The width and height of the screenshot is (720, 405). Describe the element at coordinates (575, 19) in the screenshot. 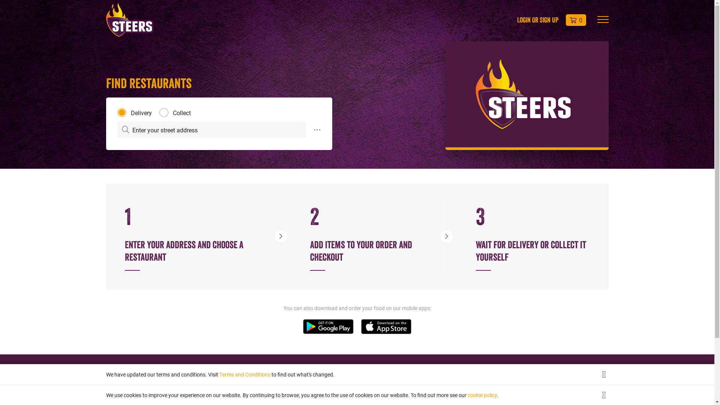

I see `'0'` at that location.